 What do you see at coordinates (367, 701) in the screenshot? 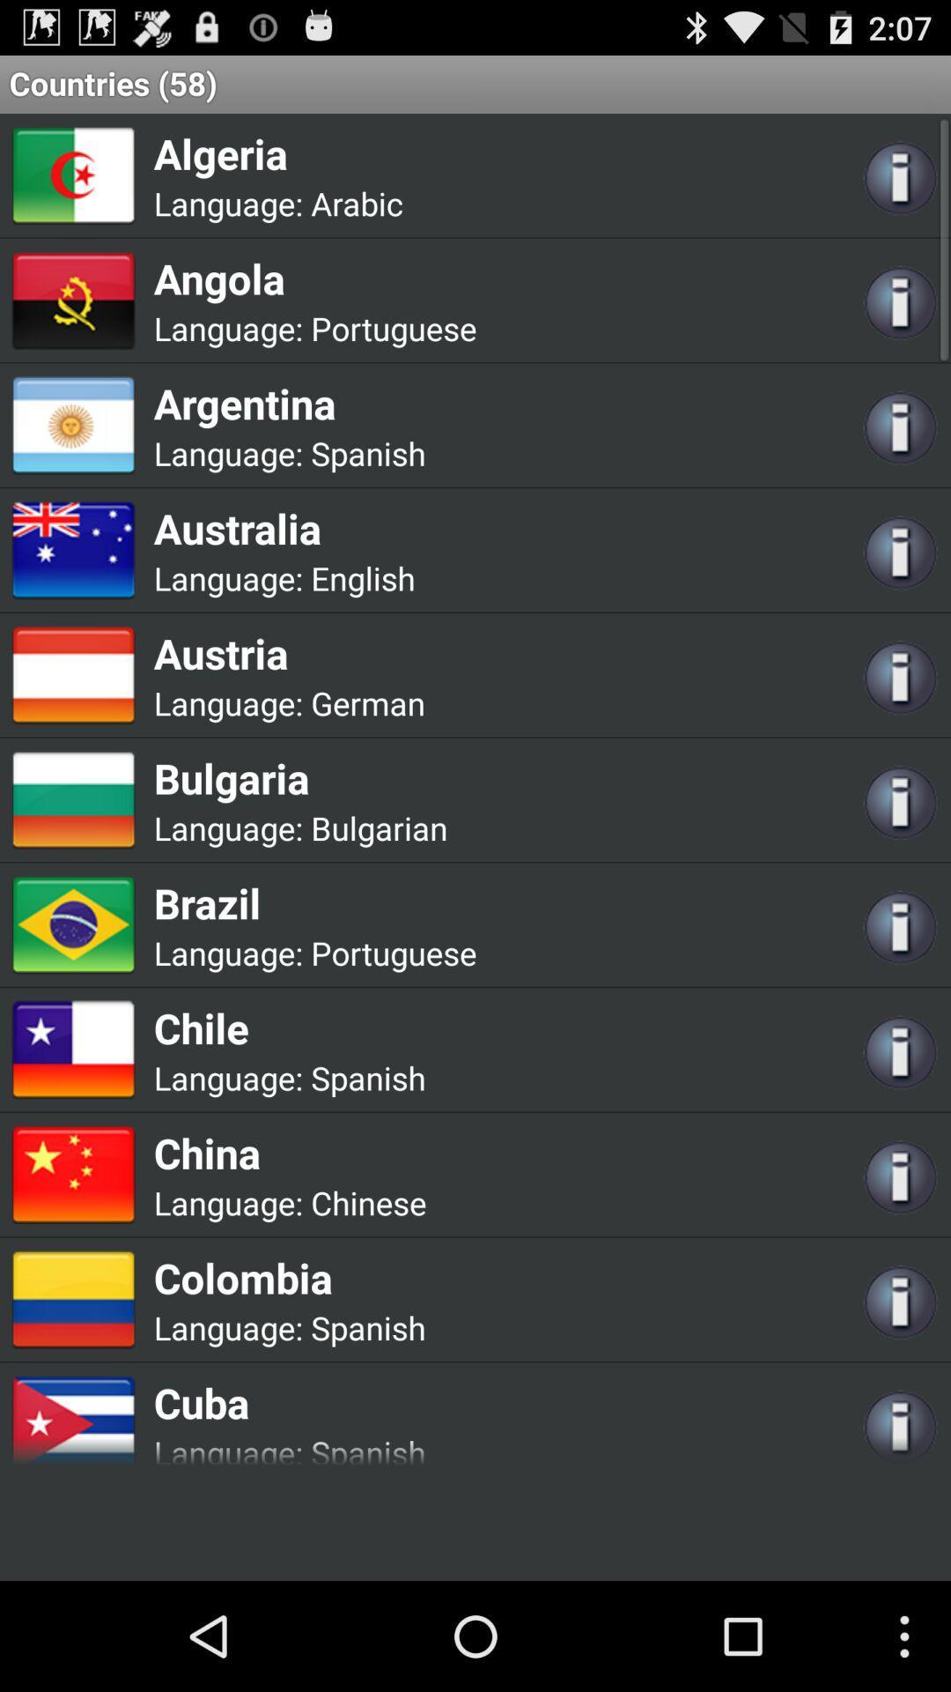
I see `the icon to the right of language:  icon` at bounding box center [367, 701].